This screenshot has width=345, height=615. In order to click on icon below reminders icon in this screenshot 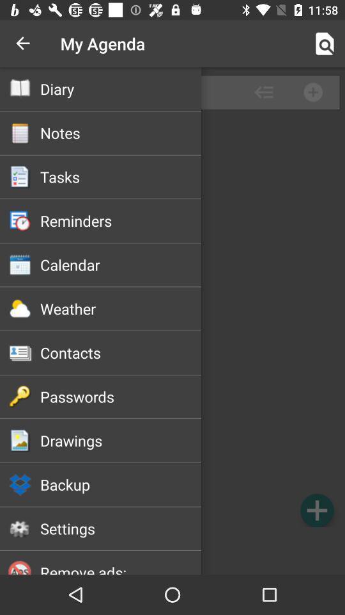, I will do `click(121, 264)`.